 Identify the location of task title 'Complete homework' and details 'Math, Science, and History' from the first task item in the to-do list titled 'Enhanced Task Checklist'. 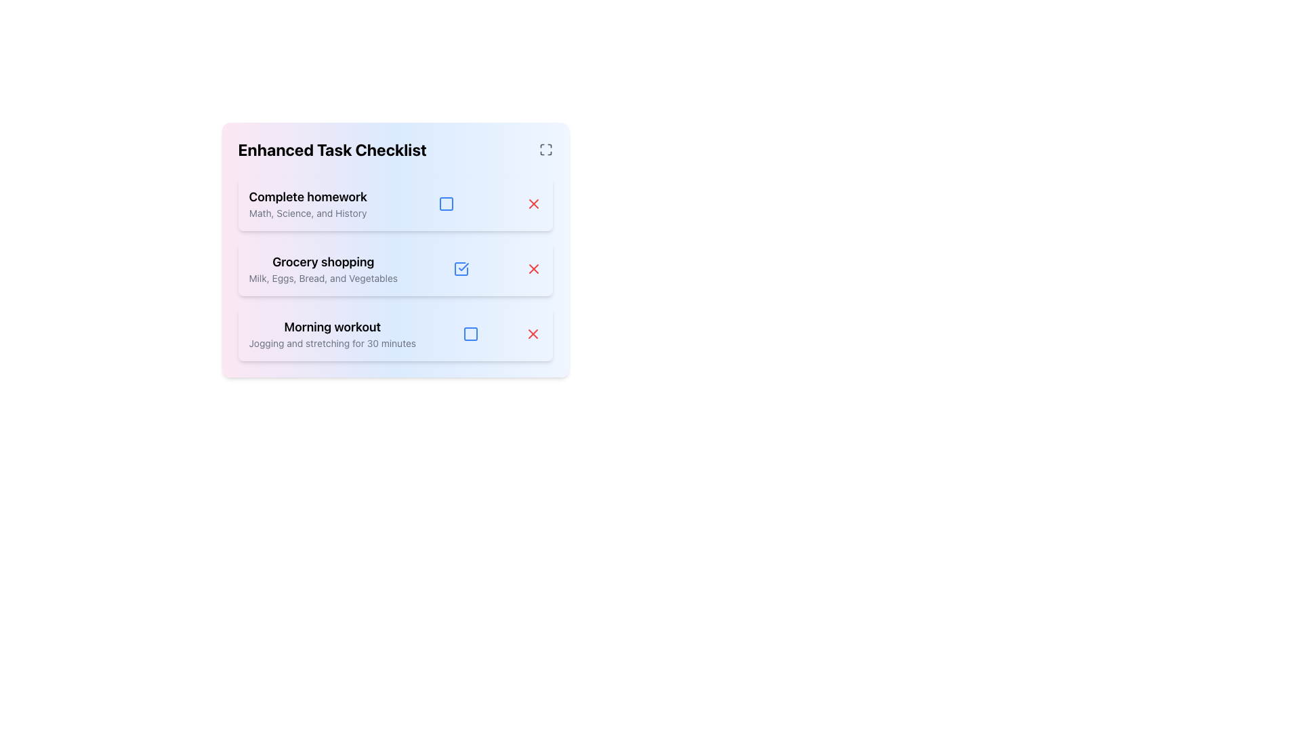
(307, 203).